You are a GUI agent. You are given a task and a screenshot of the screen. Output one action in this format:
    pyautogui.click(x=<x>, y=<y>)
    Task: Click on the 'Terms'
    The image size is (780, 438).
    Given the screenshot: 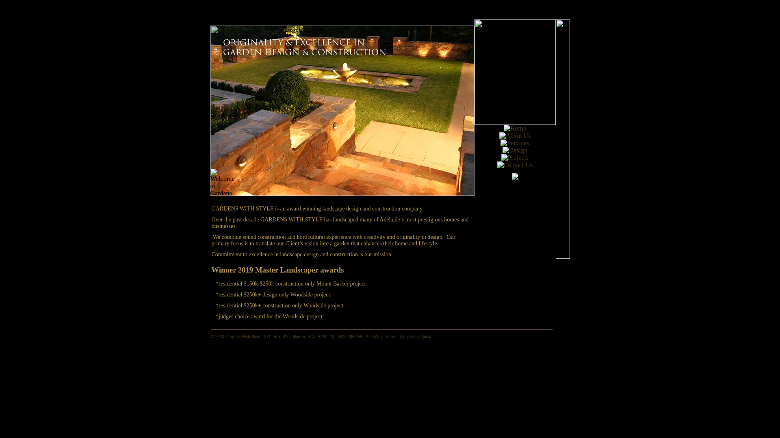 What is the action you would take?
    pyautogui.click(x=390, y=337)
    